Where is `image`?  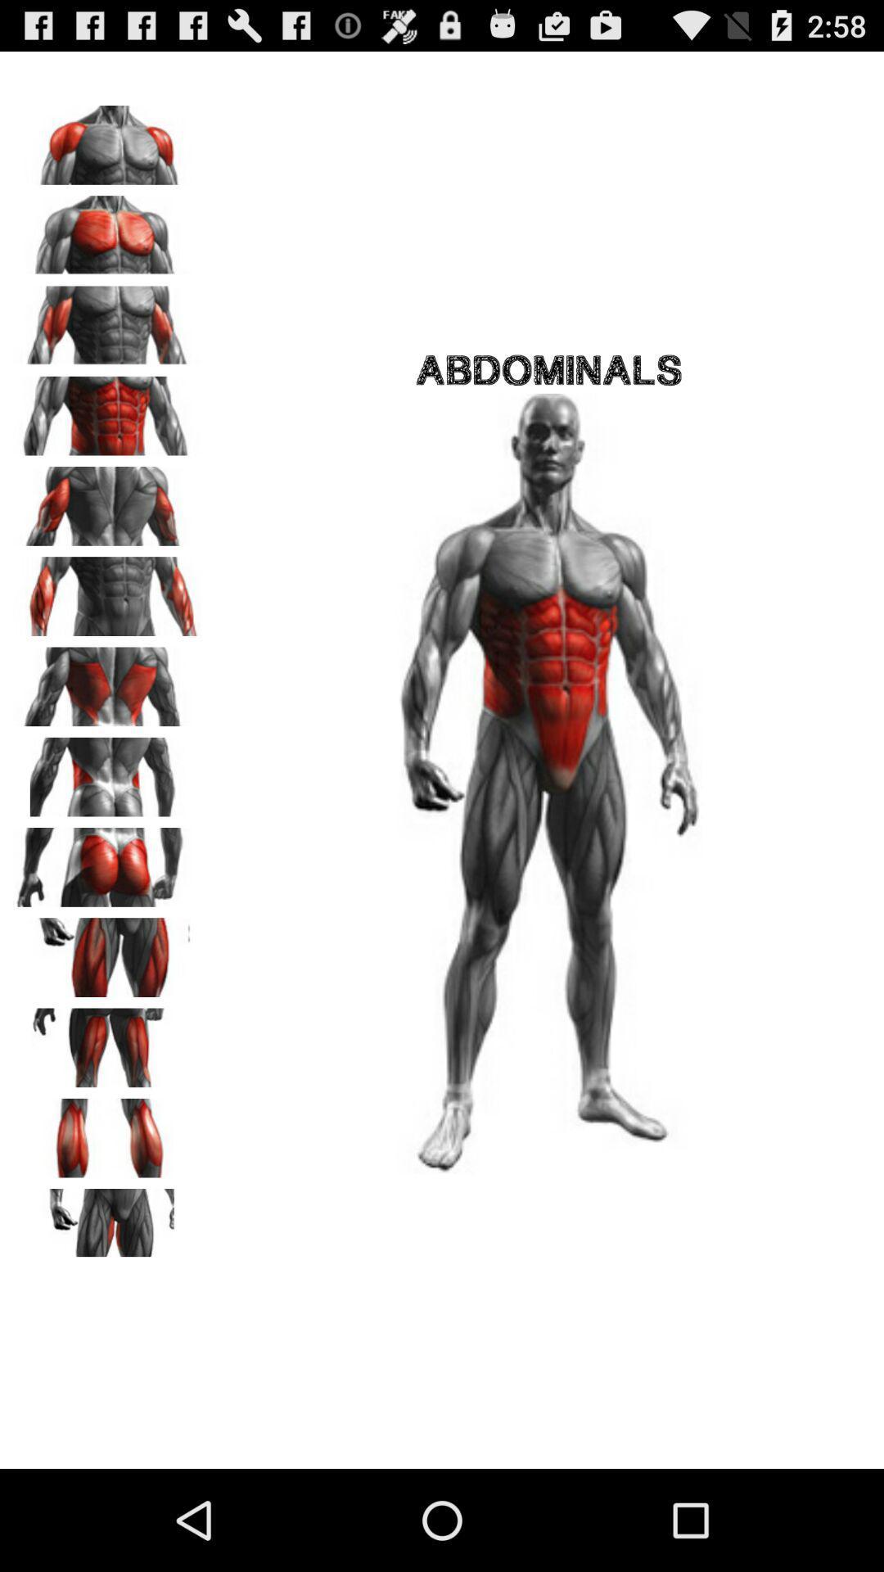 image is located at coordinates (107, 1222).